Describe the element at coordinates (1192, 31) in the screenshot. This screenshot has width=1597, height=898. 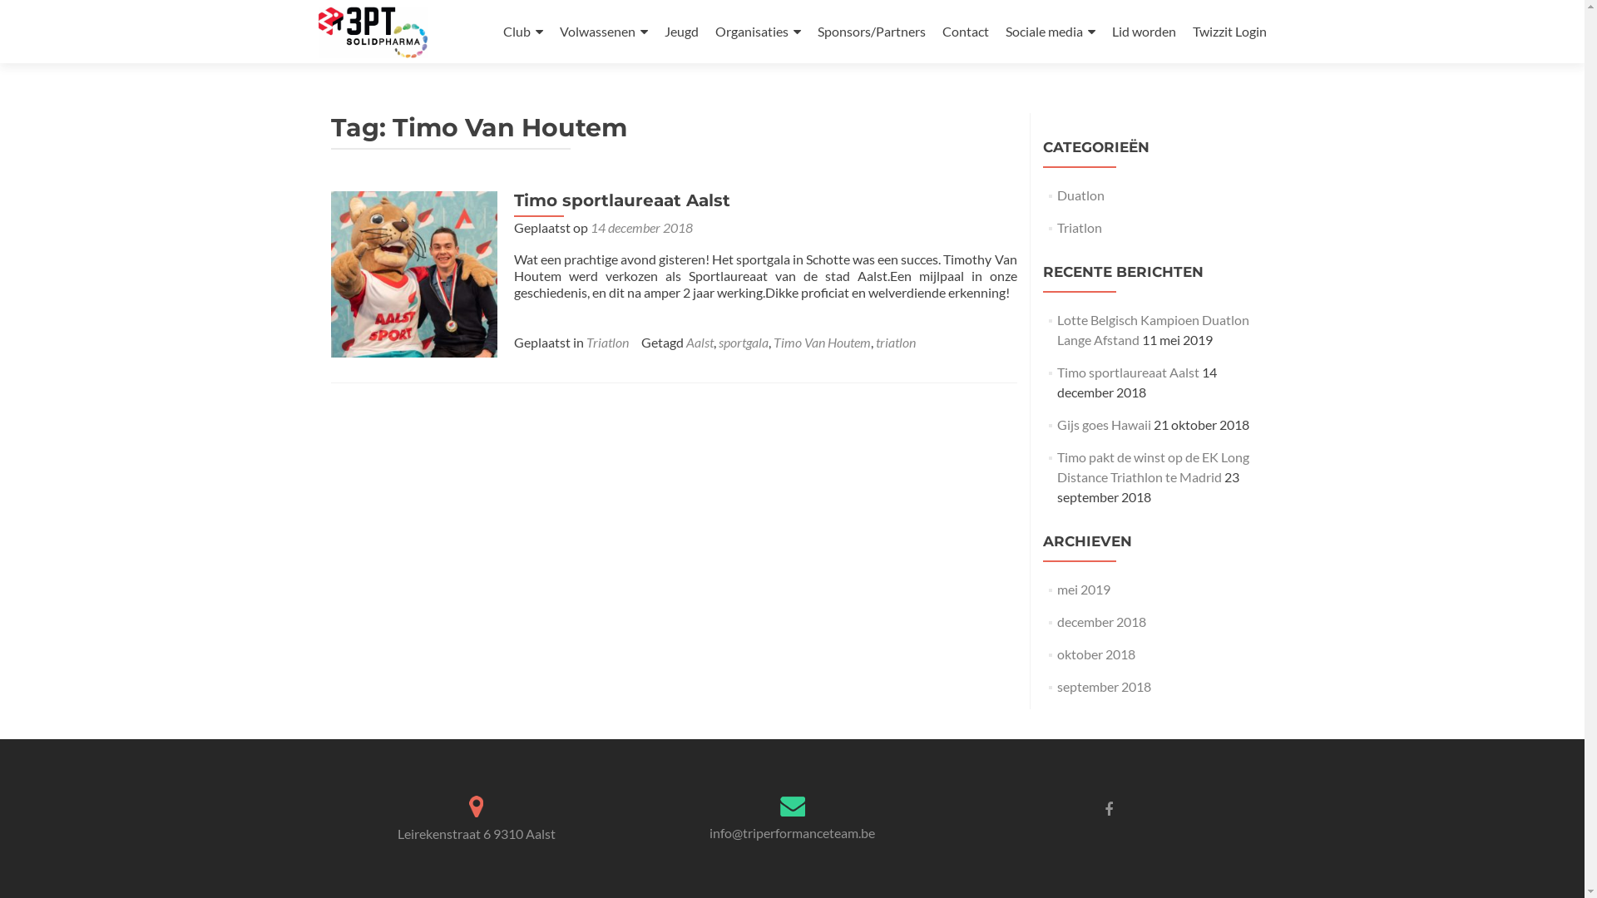
I see `'Twizzit Login'` at that location.